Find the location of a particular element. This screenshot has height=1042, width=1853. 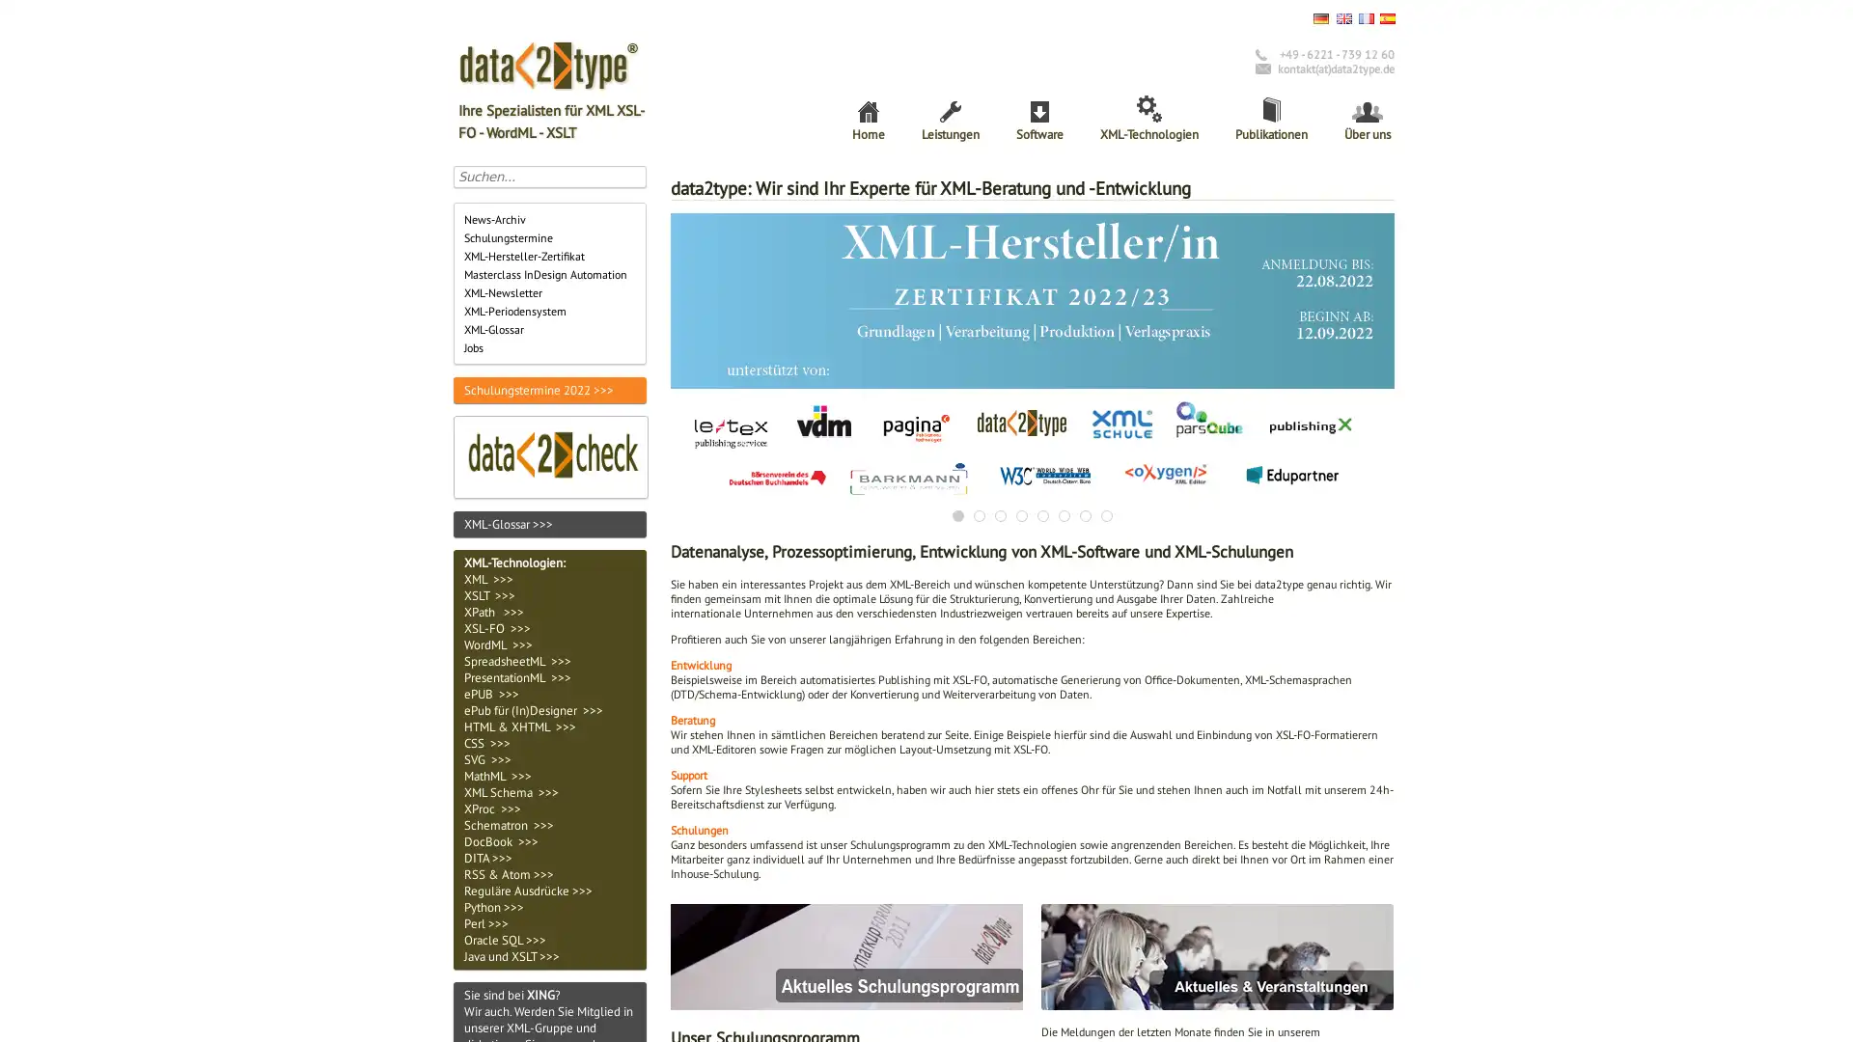

Carousel Page 1 is located at coordinates (958, 513).